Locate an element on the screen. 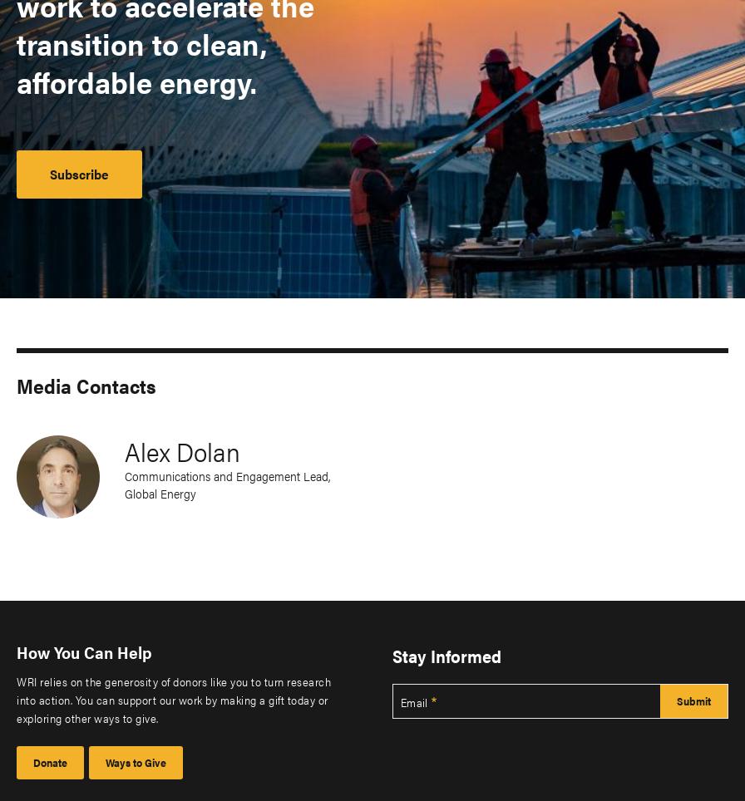  'Donate' is located at coordinates (32, 761).